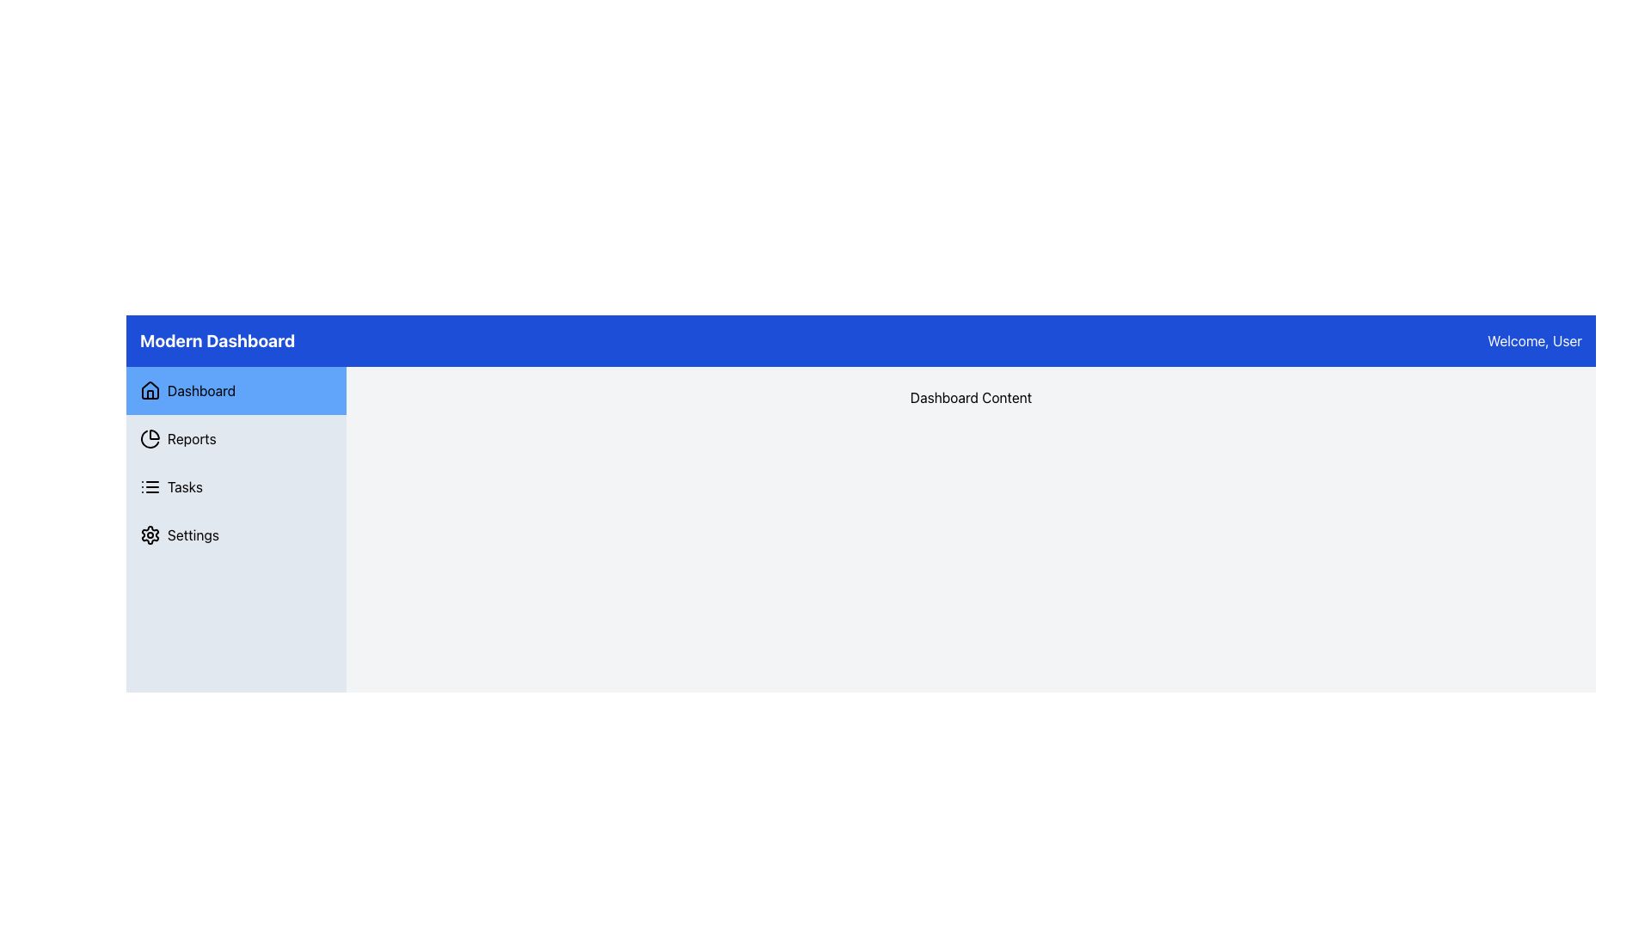 The width and height of the screenshot is (1651, 928). Describe the element at coordinates (150, 391) in the screenshot. I see `the house-shaped icon in the sidebar navigation menu labeled 'Dashboard'` at that location.